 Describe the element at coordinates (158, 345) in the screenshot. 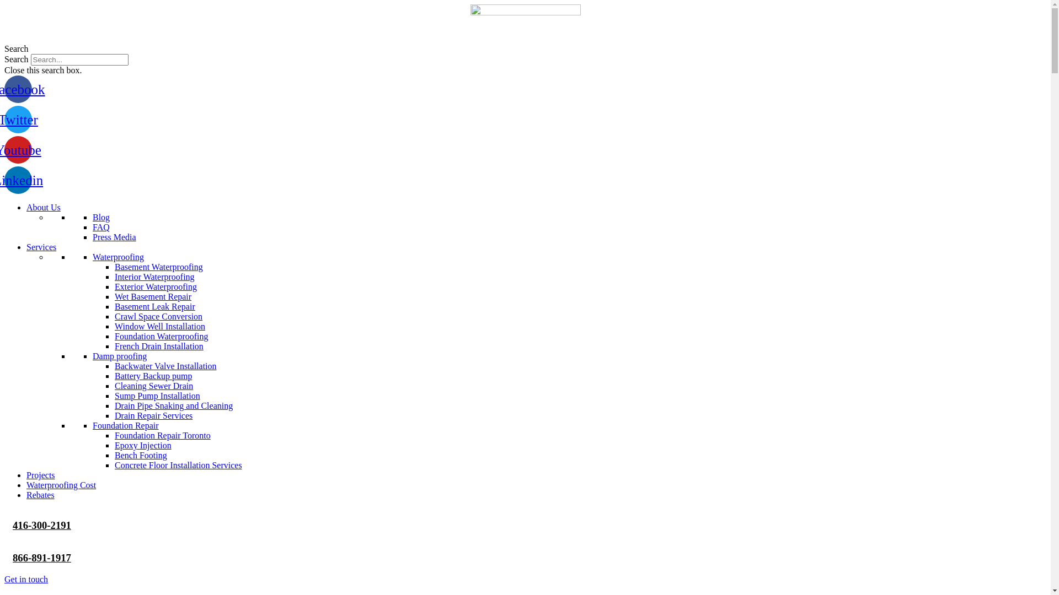

I see `'French Drain Installation'` at that location.